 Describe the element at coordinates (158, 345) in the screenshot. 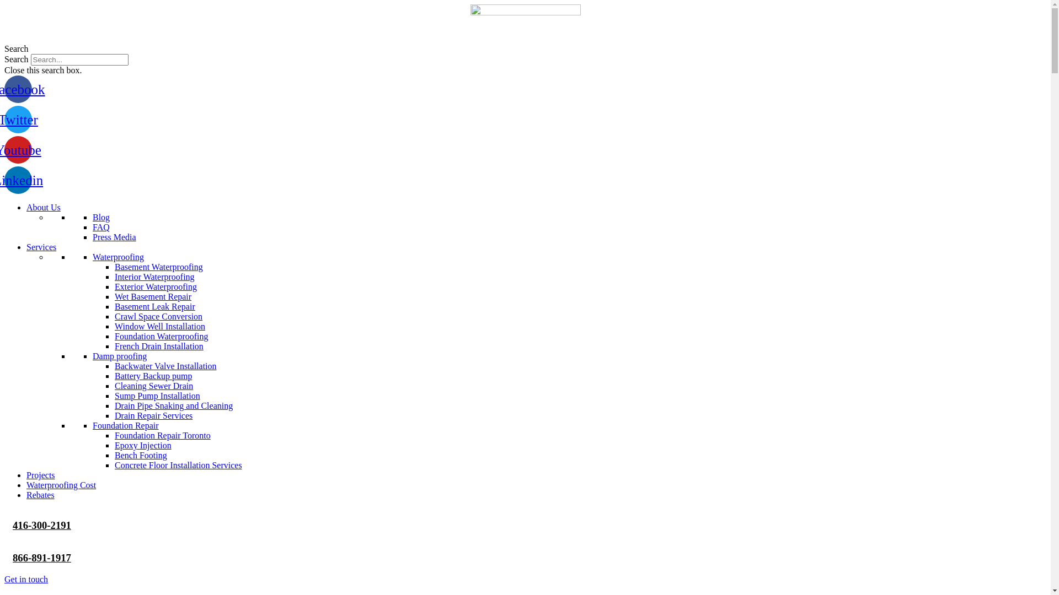

I see `'French Drain Installation'` at that location.